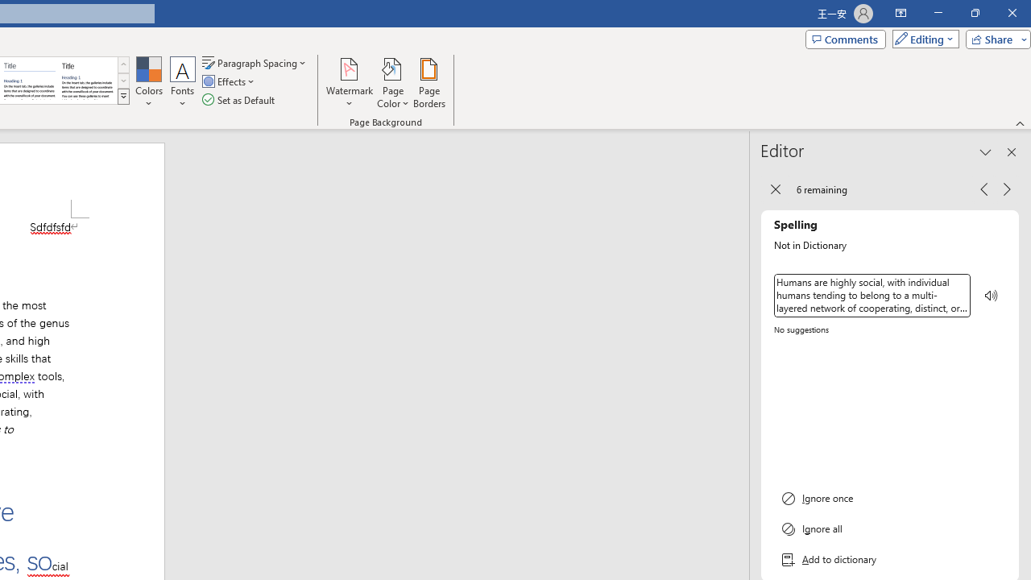 This screenshot has width=1031, height=580. Describe the element at coordinates (86, 81) in the screenshot. I see `'Word 2013'` at that location.